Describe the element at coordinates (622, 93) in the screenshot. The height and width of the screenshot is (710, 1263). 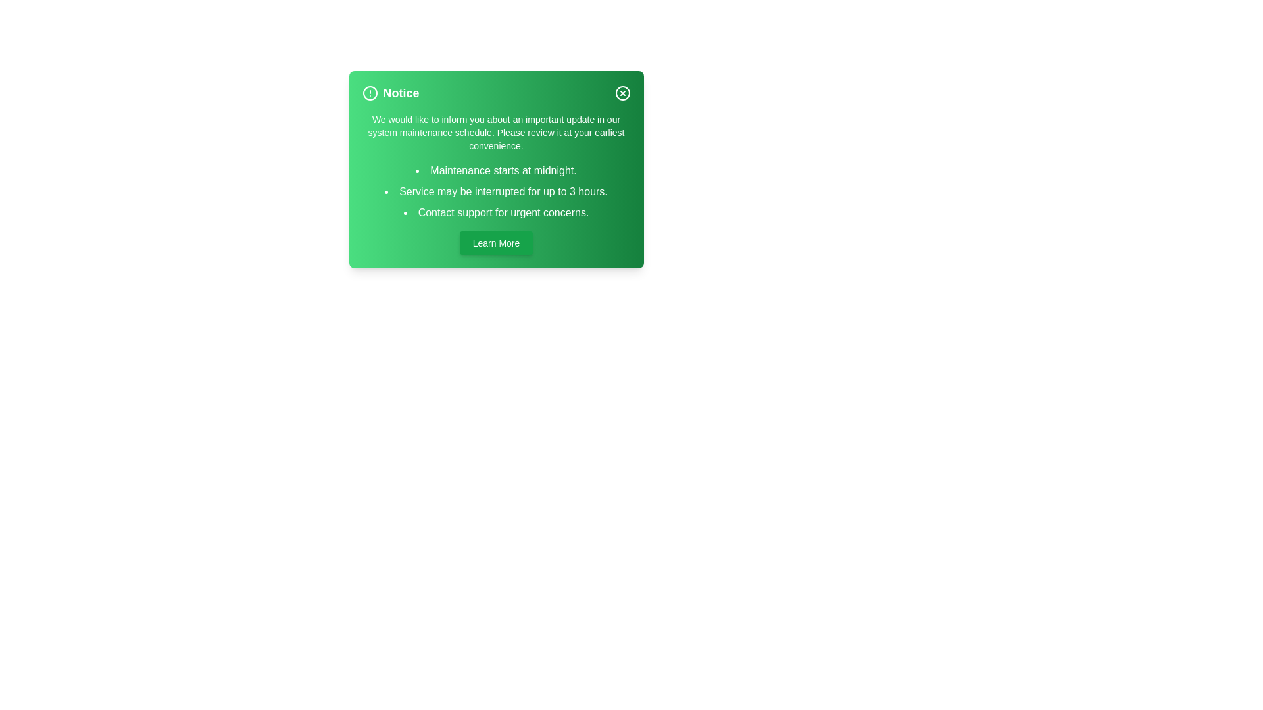
I see `the close button in the top-right corner of the green notification box labeled 'Notice'` at that location.